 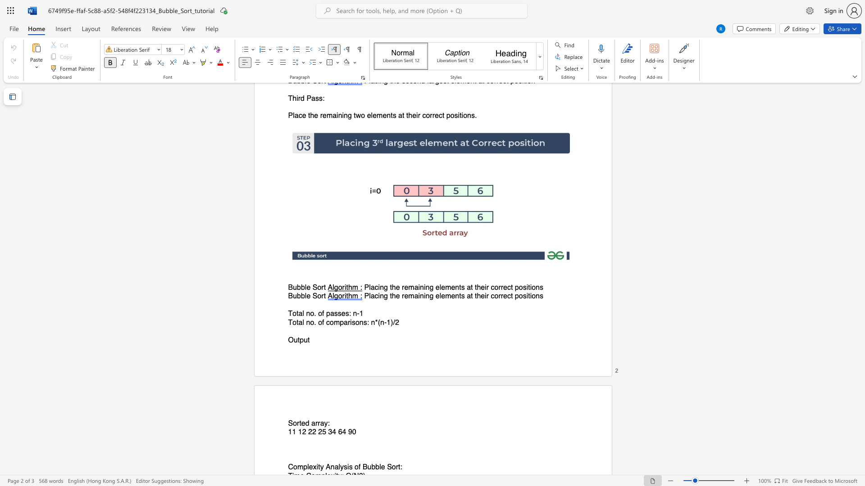 I want to click on the subset text "bble Sort" within the text "Bubble Sort", so click(x=297, y=296).